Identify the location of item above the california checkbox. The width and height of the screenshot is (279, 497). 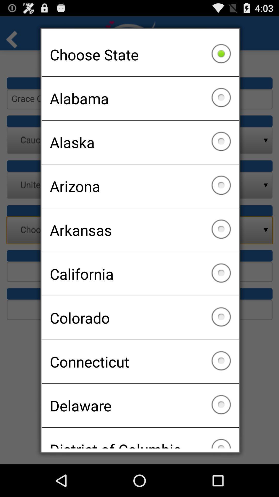
(140, 230).